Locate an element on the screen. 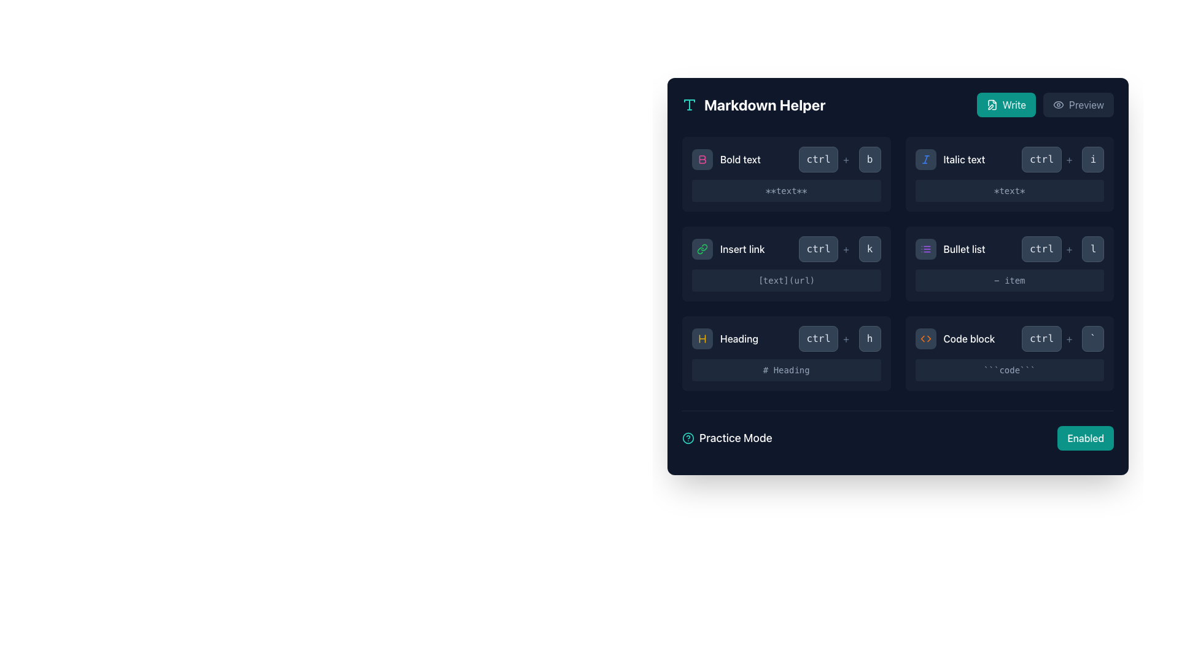 The height and width of the screenshot is (663, 1179). the Shortcut hint display in the lower-right corner of the 'Code block' section that shows the keyboard shortcut 'ctrl+`' is located at coordinates (1062, 338).